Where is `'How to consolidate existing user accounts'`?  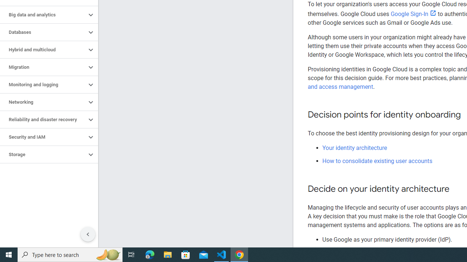
'How to consolidate existing user accounts' is located at coordinates (377, 160).